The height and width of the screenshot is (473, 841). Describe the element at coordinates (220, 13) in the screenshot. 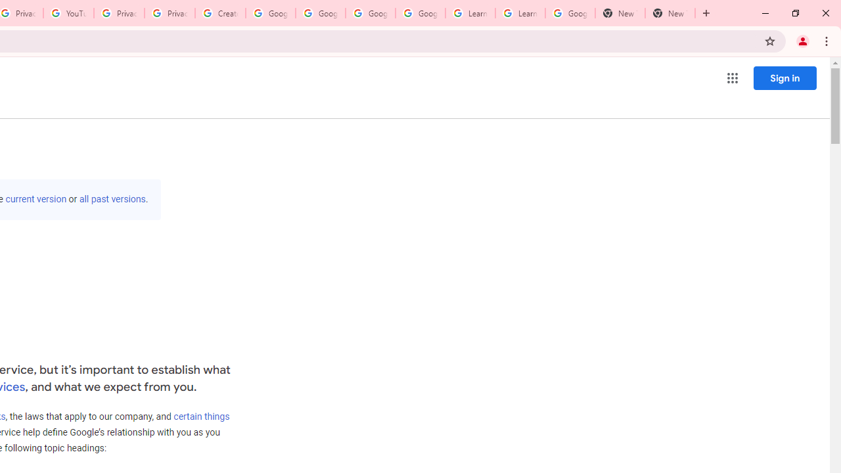

I see `'Create your Google Account'` at that location.